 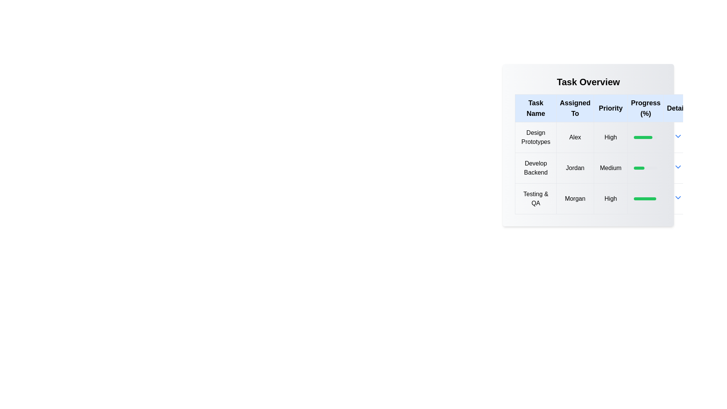 What do you see at coordinates (603, 167) in the screenshot?
I see `the row corresponding to task Develop Backend` at bounding box center [603, 167].